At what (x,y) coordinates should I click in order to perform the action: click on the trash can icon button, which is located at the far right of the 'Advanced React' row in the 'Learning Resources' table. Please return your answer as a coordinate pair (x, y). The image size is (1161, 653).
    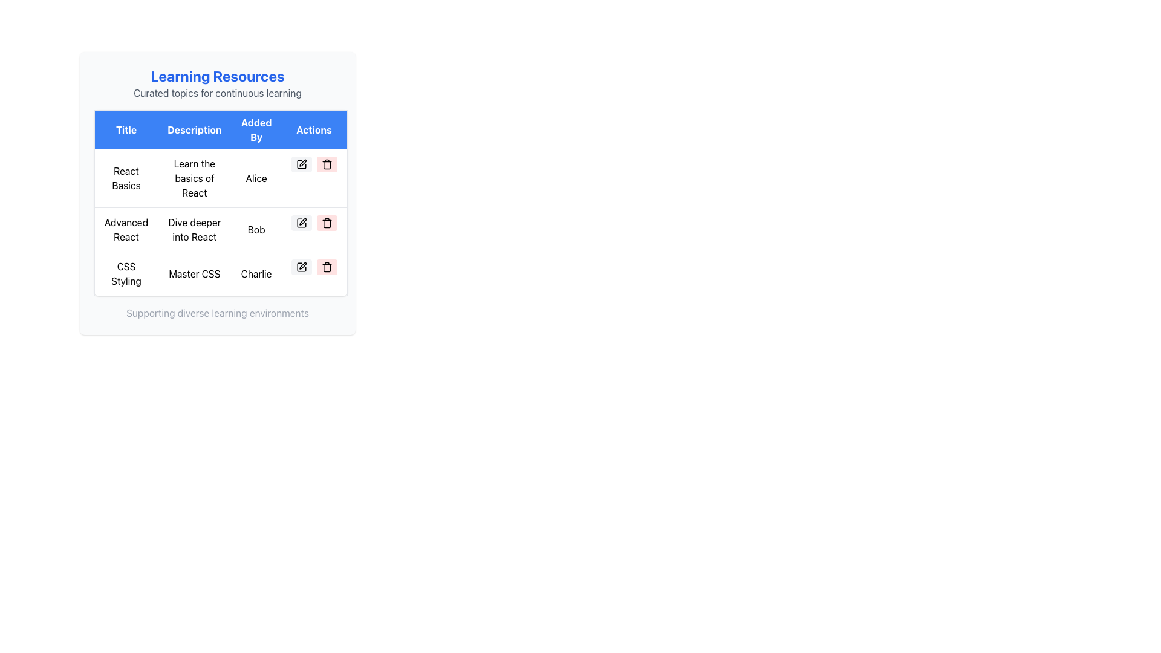
    Looking at the image, I should click on (327, 267).